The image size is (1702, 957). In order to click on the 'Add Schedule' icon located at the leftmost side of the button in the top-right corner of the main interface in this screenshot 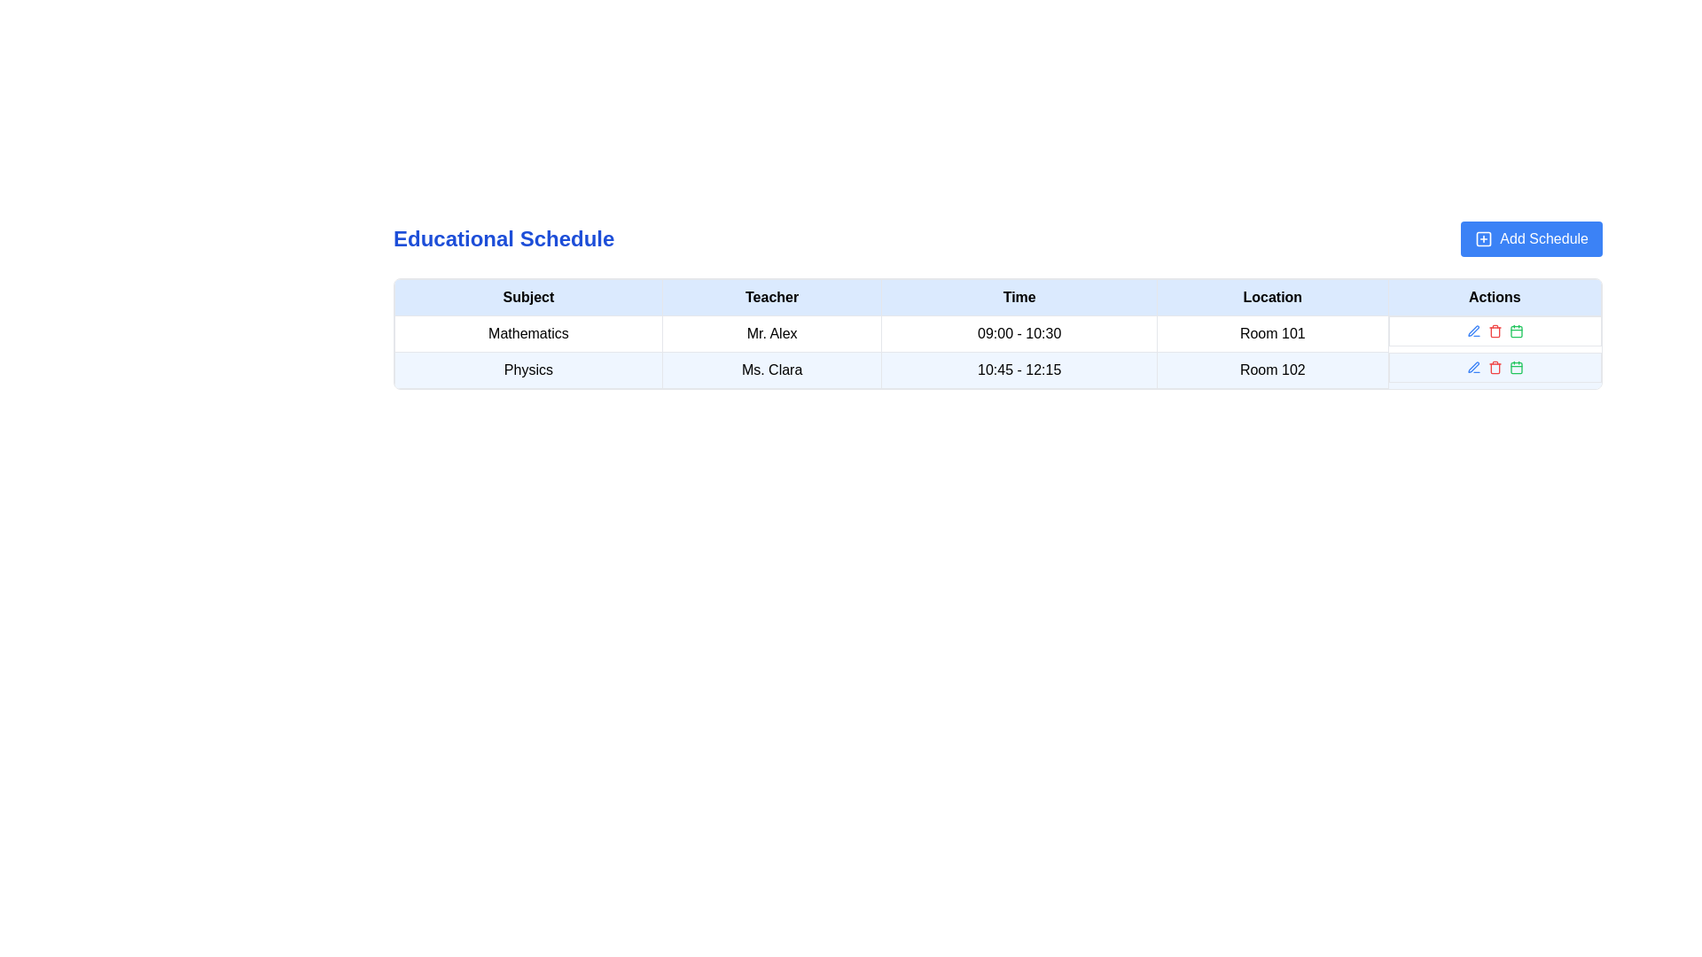, I will do `click(1484, 239)`.